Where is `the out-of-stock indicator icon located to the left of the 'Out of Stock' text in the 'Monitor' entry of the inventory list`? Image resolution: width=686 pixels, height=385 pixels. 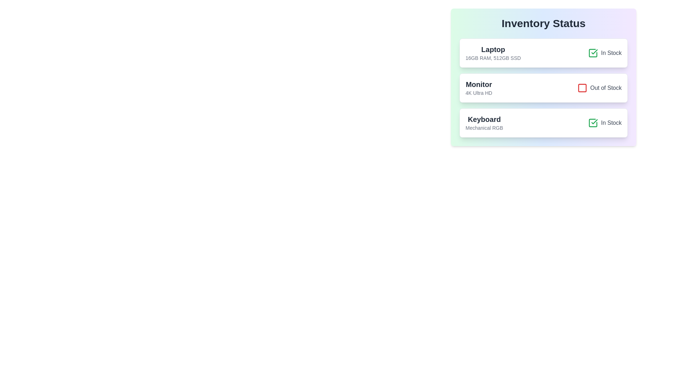 the out-of-stock indicator icon located to the left of the 'Out of Stock' text in the 'Monitor' entry of the inventory list is located at coordinates (582, 87).